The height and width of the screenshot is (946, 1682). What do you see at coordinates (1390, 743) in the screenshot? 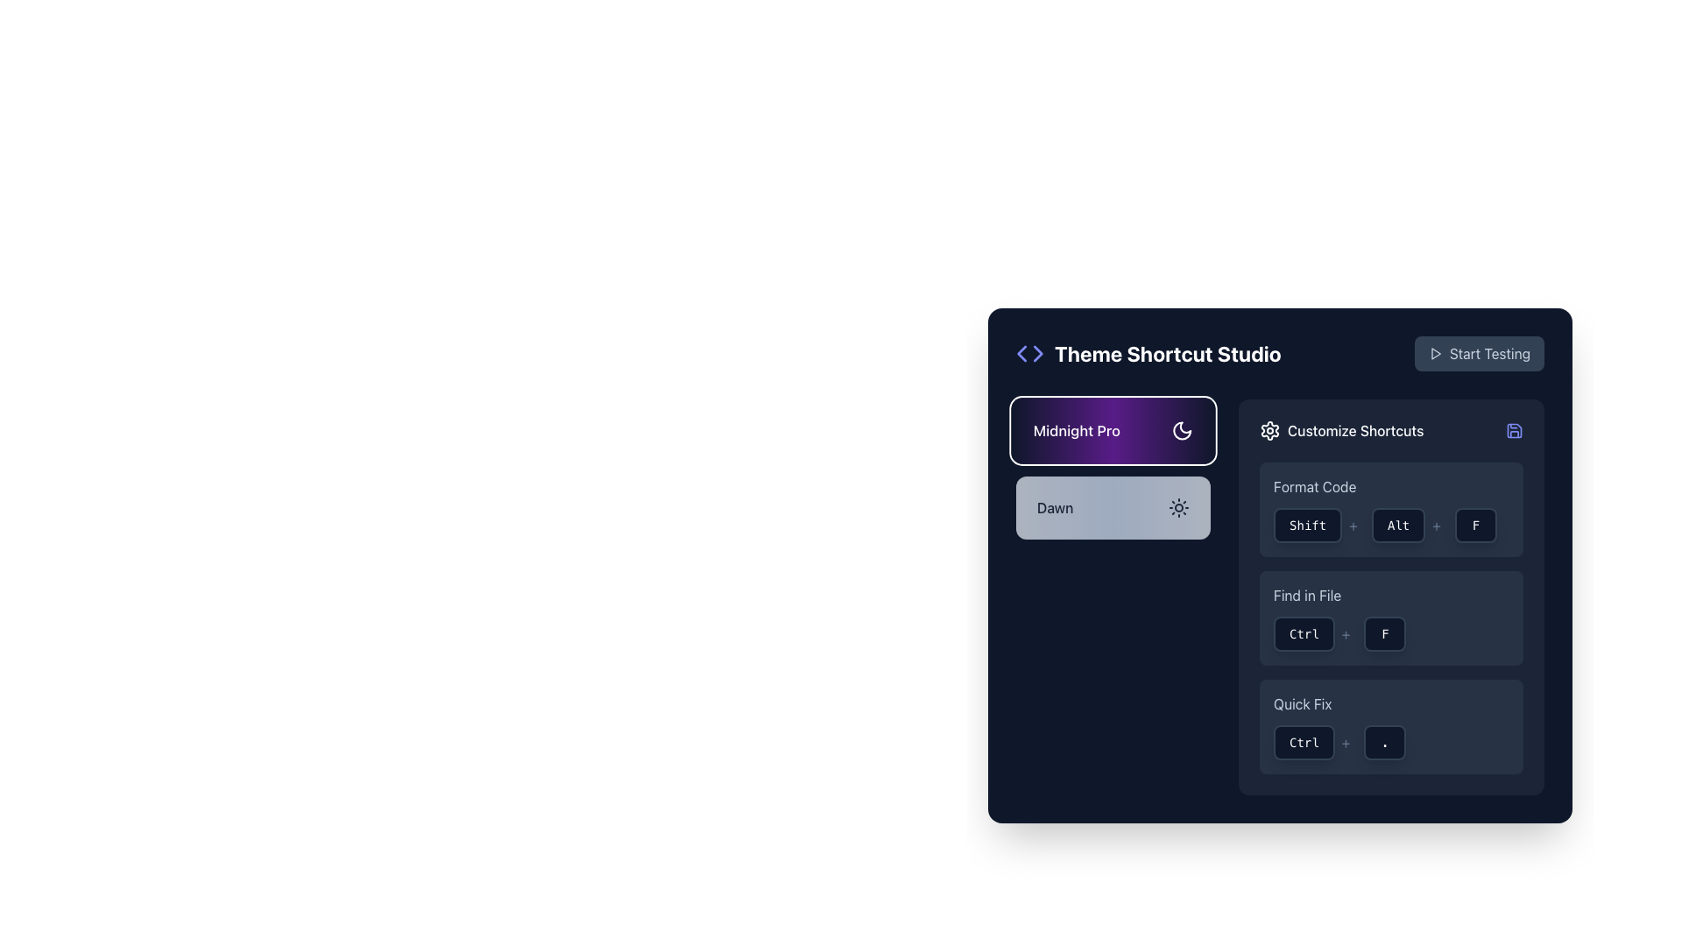
I see `the content of the text label displaying 'Ctrl+.' which is styled with a dark background and rounded corners, located in the bottom right section of the interface under the 'Quick Fix' card` at bounding box center [1390, 743].